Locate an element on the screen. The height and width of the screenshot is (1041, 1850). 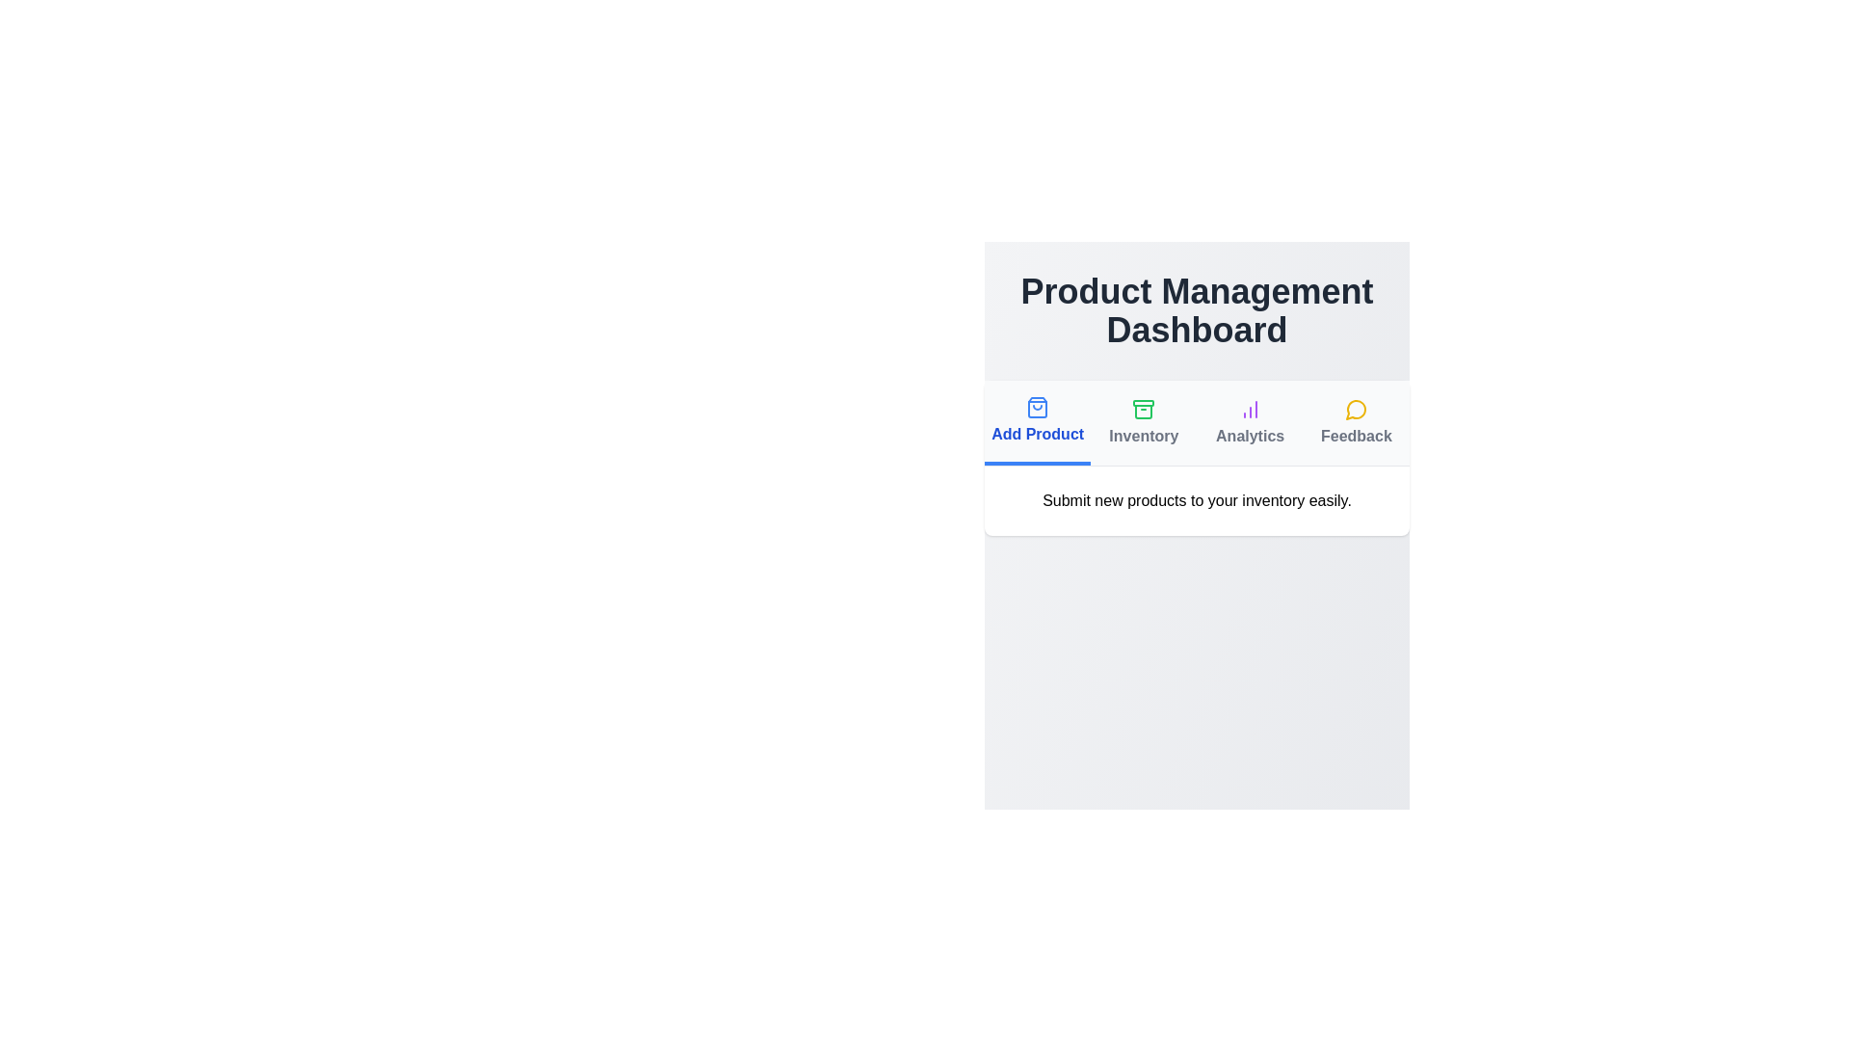
the 'Add Product' button with a shopping bag icon, which is the first button in the horizontal menu row under 'Product Management Dashboard.' is located at coordinates (1037, 422).